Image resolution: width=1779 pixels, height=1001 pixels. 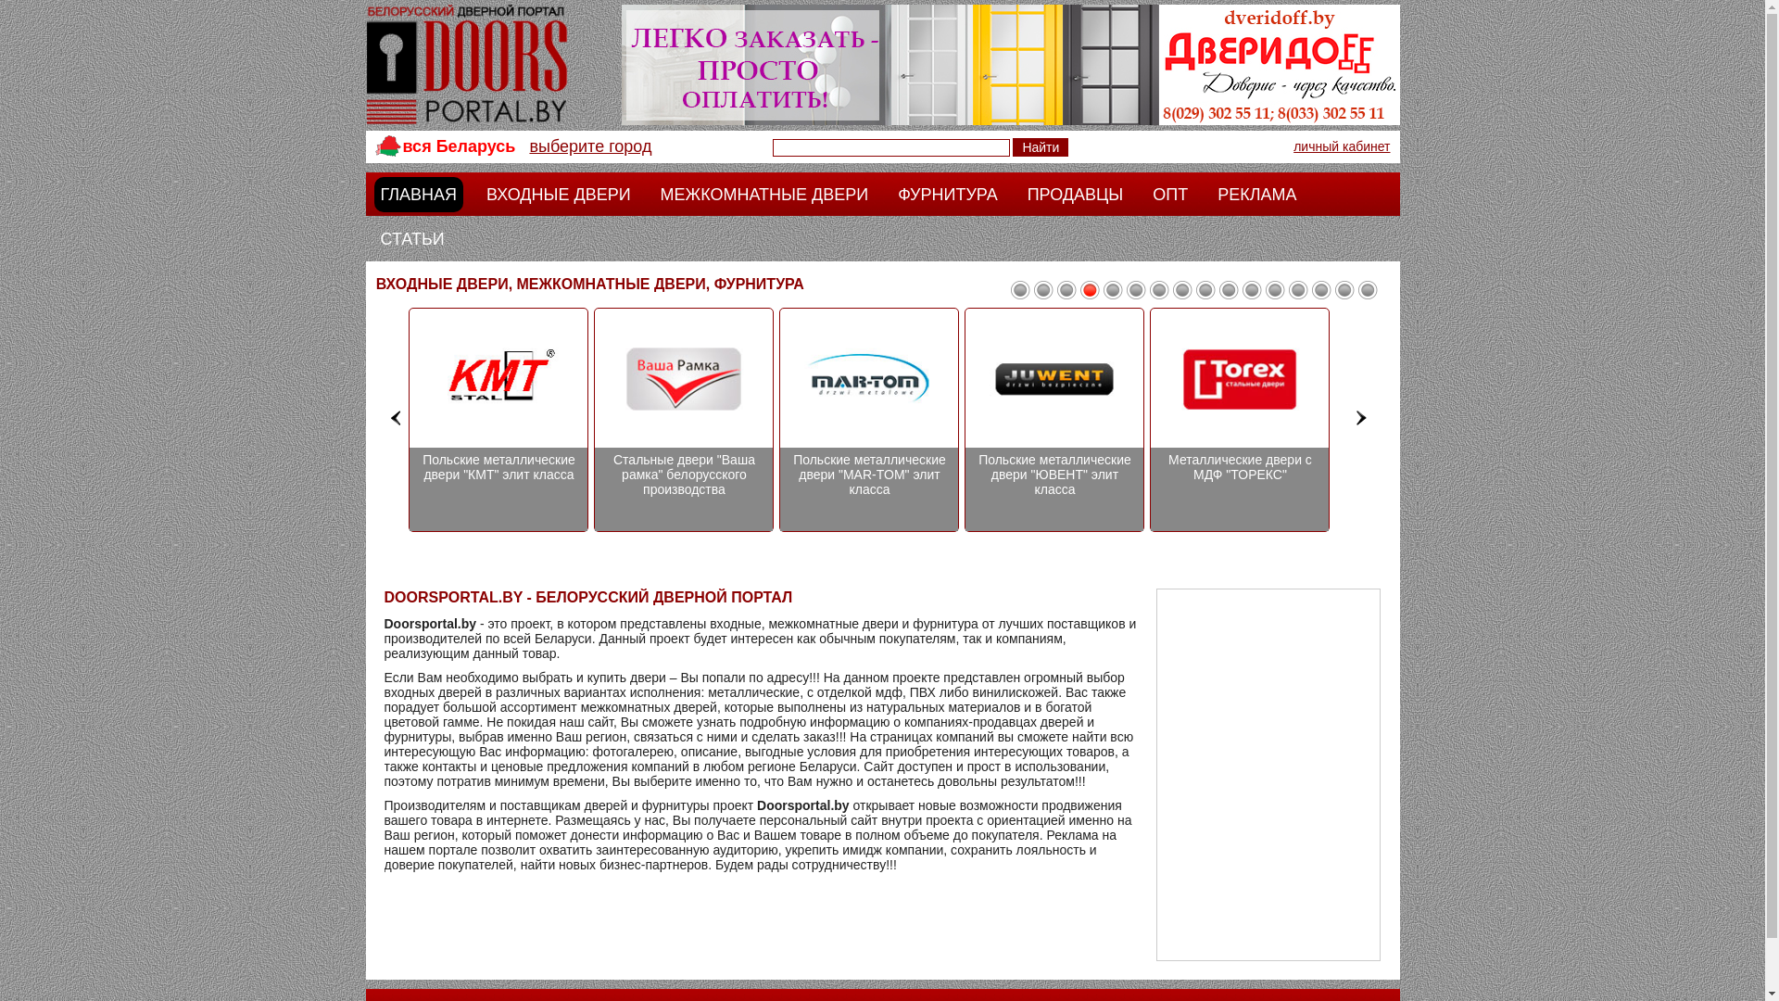 What do you see at coordinates (1356, 417) in the screenshot?
I see `'>'` at bounding box center [1356, 417].